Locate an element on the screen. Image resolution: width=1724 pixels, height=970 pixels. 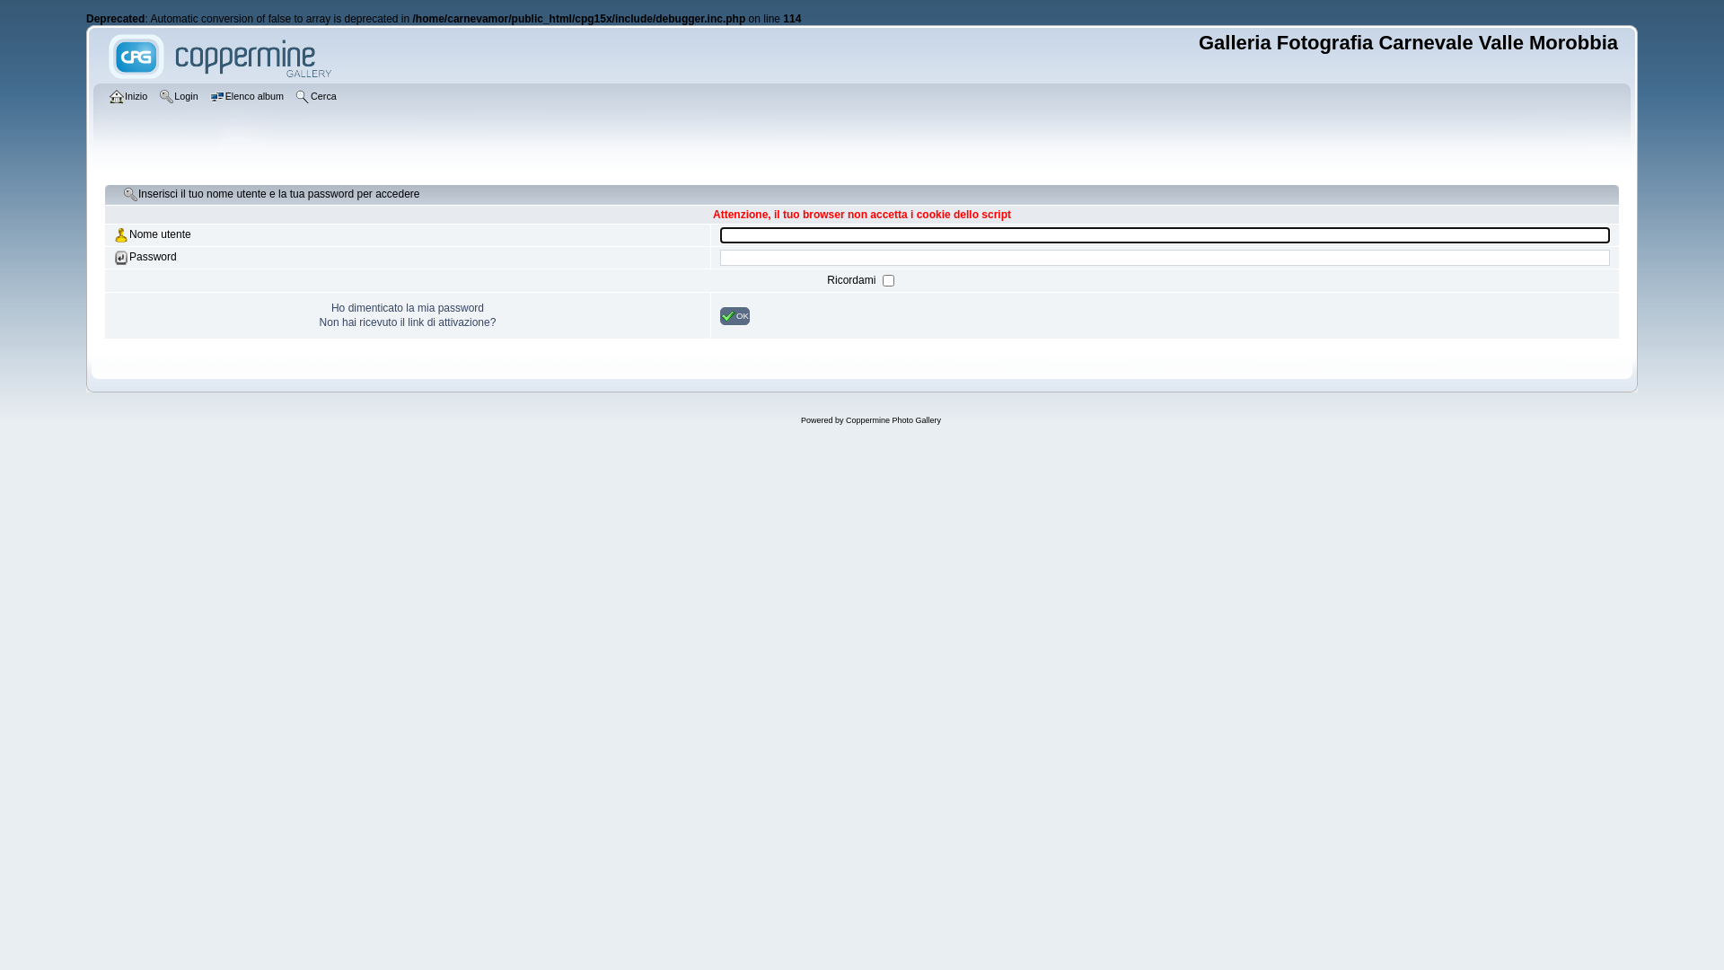
'Non hai ricevuto il link di attivazione?' is located at coordinates (319, 321).